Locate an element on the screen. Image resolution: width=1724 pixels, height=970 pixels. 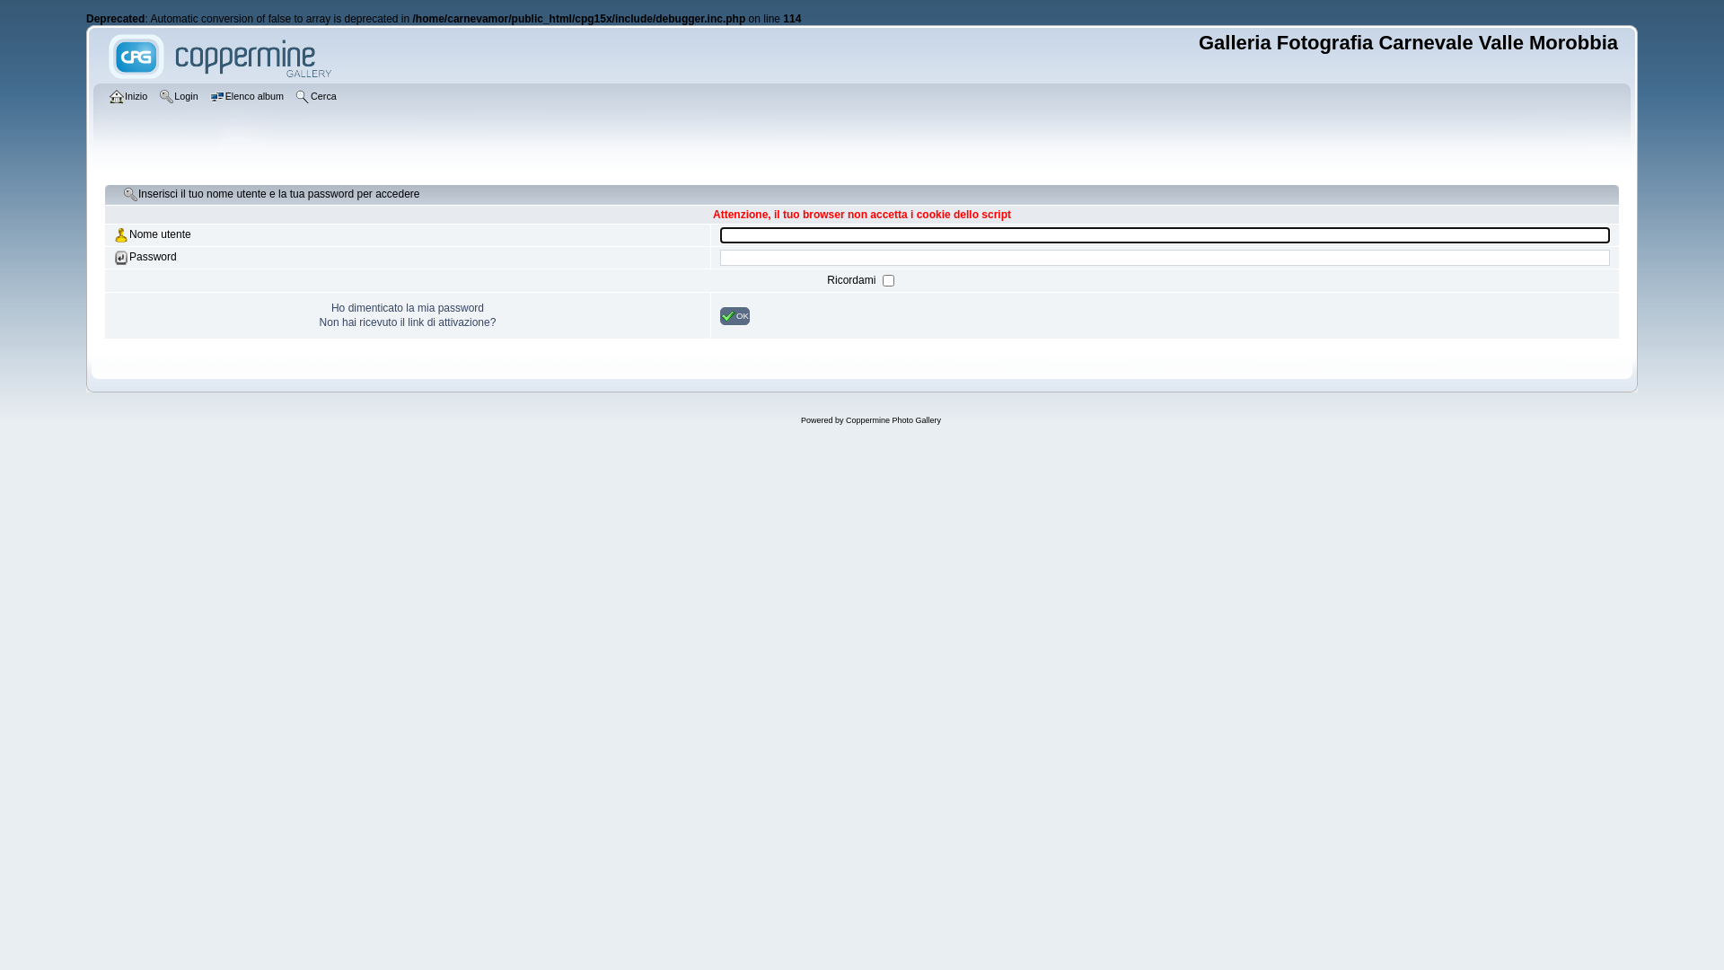
'Non hai ricevuto il link di attivazione?' is located at coordinates (319, 321).